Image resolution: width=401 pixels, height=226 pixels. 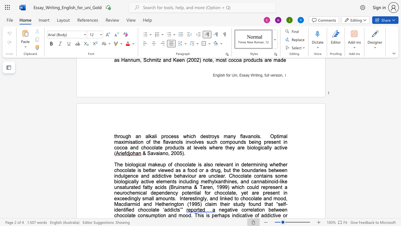 What do you see at coordinates (244, 215) in the screenshot?
I see `the space between the continuous character "a" and "t" in the text` at bounding box center [244, 215].